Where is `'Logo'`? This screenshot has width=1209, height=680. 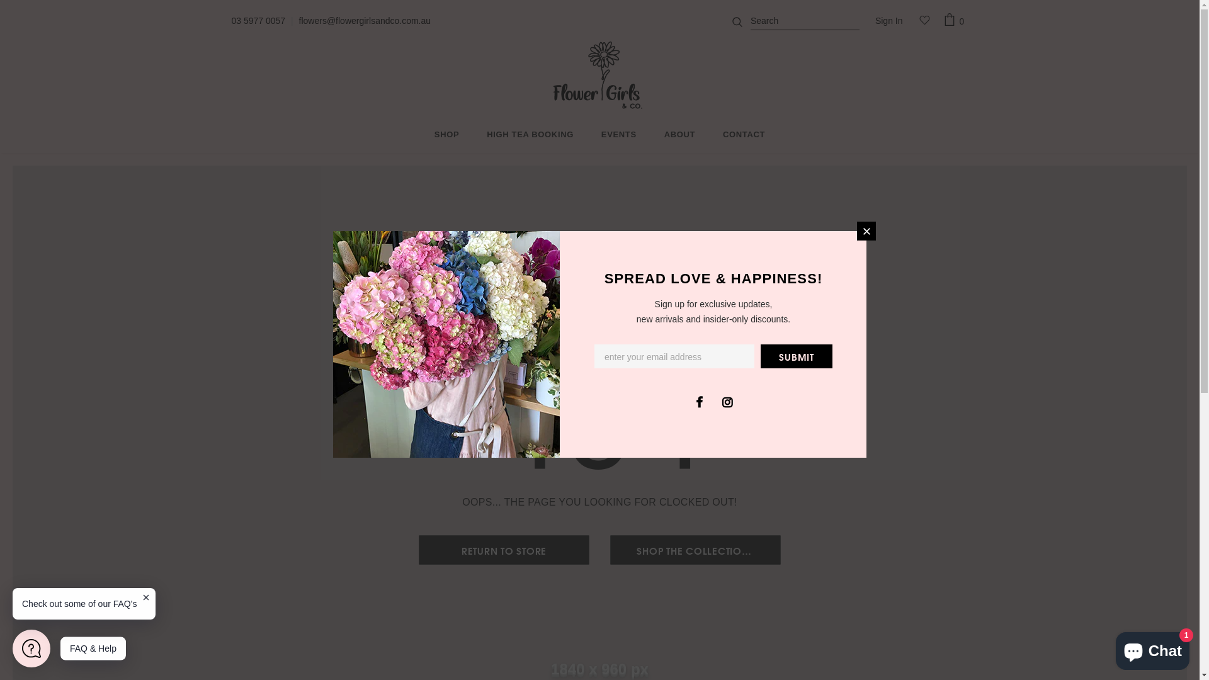
'Logo' is located at coordinates (599, 75).